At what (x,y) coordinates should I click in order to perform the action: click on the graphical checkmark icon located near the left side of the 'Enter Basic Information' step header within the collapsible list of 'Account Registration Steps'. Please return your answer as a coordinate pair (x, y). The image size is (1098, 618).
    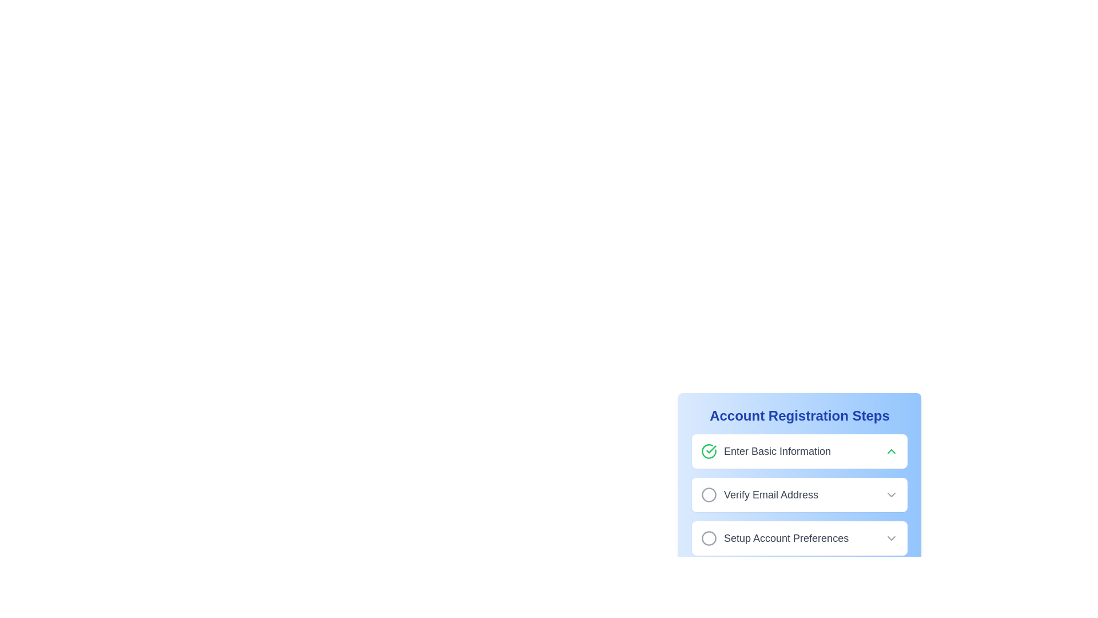
    Looking at the image, I should click on (711, 449).